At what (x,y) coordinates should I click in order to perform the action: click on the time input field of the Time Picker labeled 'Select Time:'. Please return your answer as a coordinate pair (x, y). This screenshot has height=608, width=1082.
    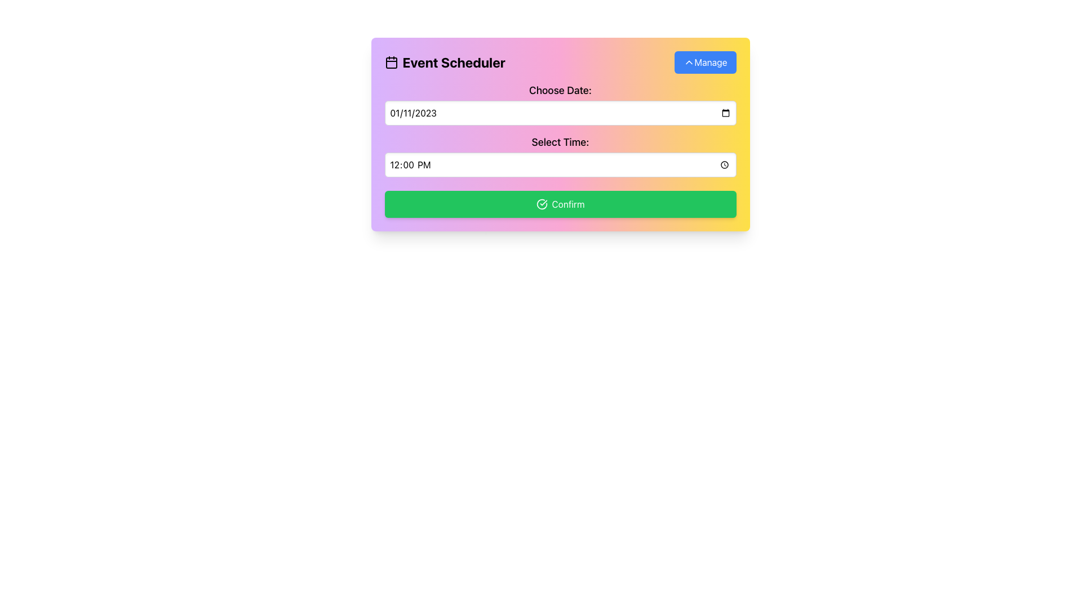
    Looking at the image, I should click on (560, 156).